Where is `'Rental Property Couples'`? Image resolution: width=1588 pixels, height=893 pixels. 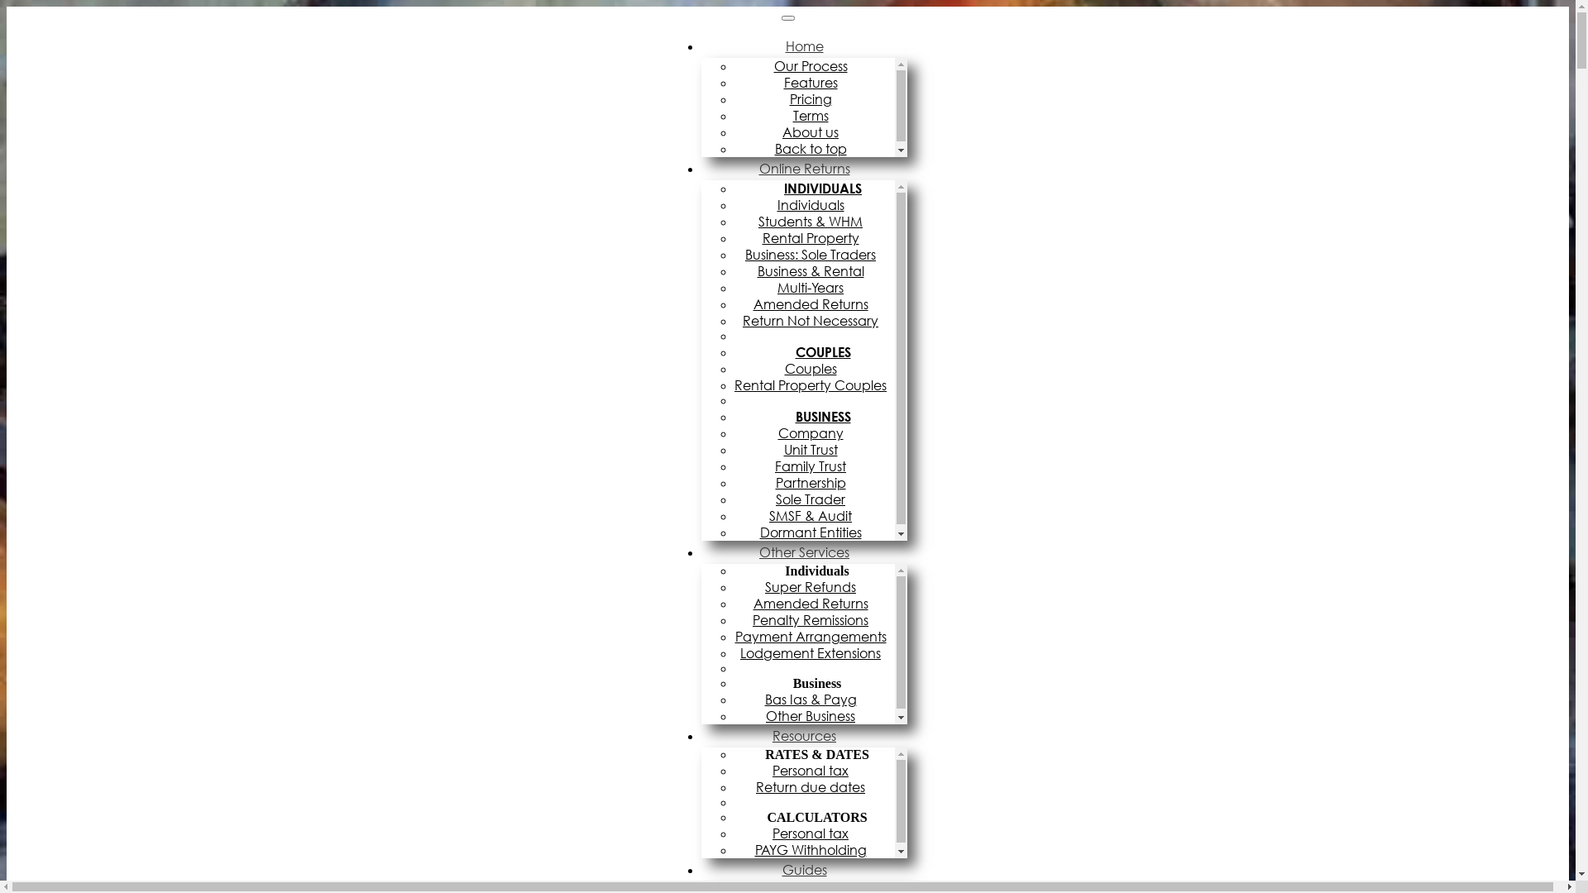
'Rental Property Couples' is located at coordinates (814, 385).